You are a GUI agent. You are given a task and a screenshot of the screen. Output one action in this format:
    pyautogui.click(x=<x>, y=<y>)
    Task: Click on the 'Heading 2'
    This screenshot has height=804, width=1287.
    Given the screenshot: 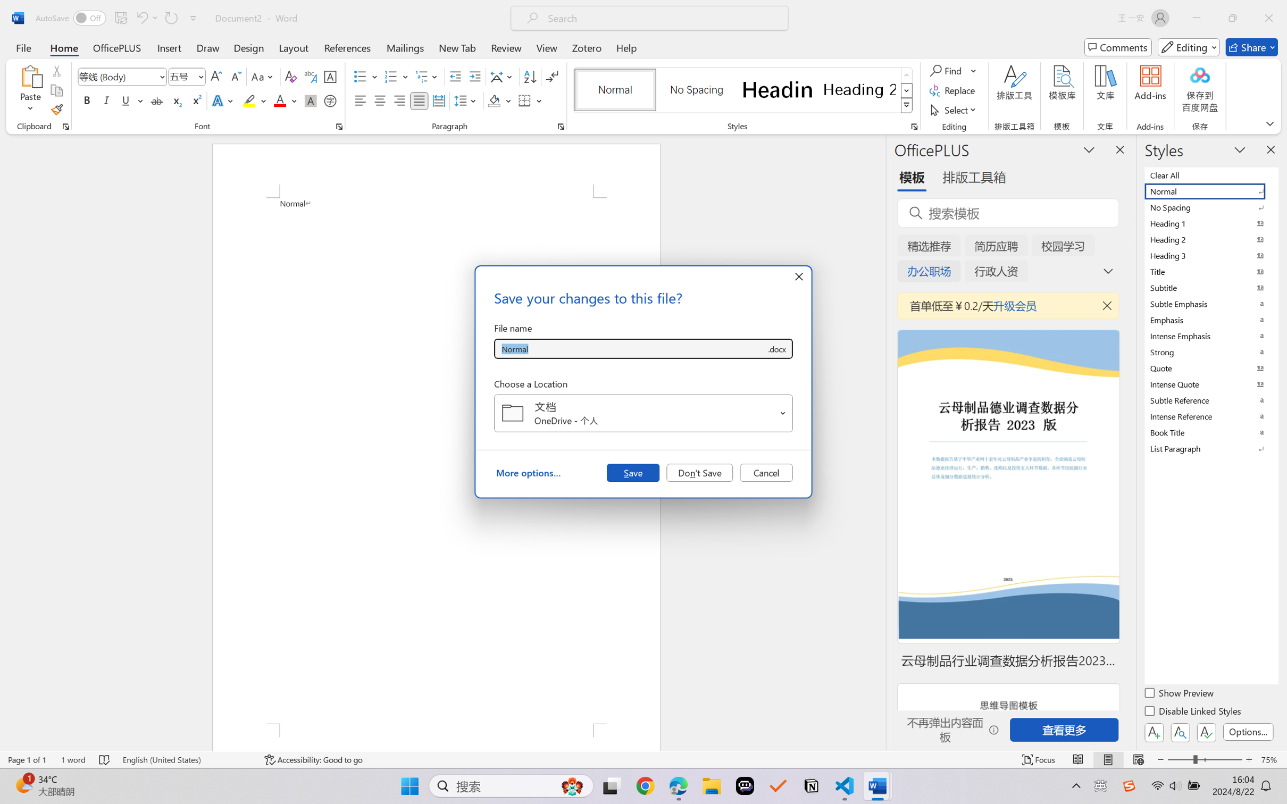 What is the action you would take?
    pyautogui.click(x=859, y=89)
    